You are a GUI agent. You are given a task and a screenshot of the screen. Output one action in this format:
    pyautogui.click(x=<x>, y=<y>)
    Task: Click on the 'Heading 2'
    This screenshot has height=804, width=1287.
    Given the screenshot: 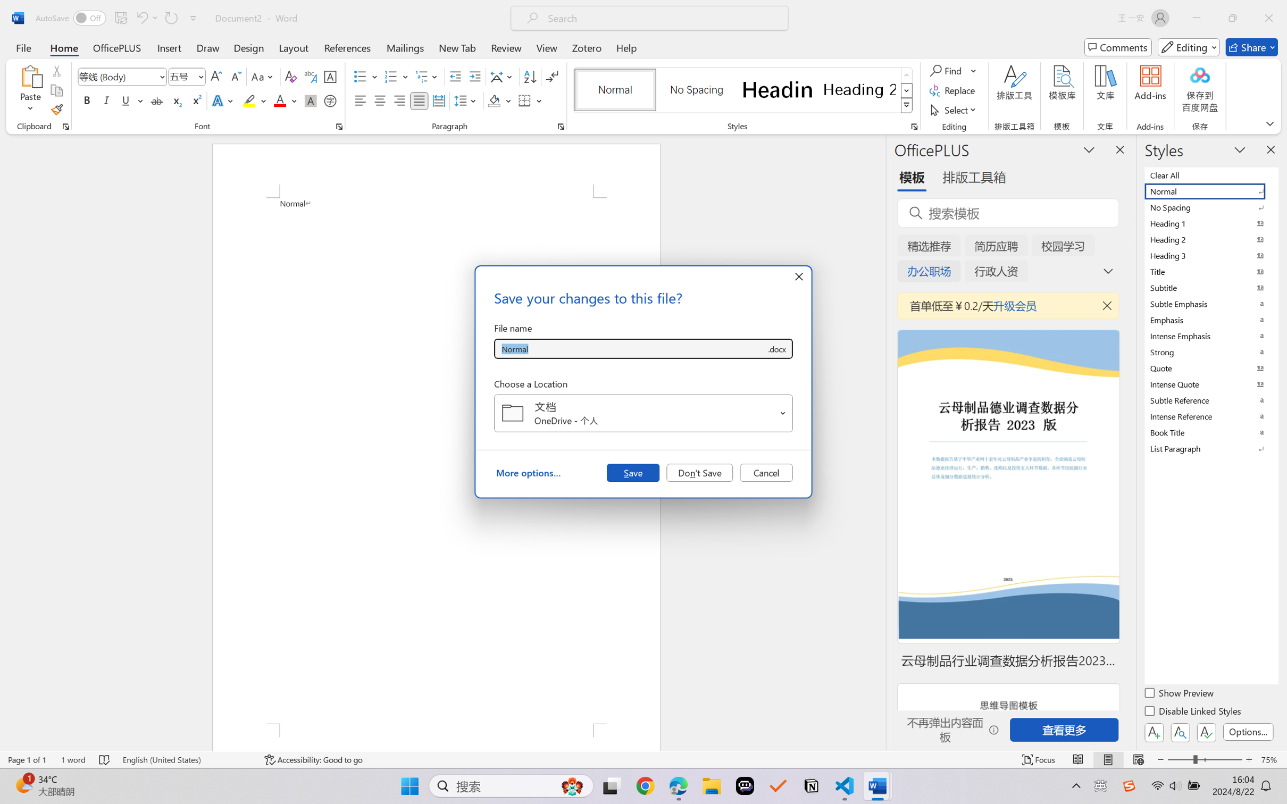 What is the action you would take?
    pyautogui.click(x=859, y=89)
    